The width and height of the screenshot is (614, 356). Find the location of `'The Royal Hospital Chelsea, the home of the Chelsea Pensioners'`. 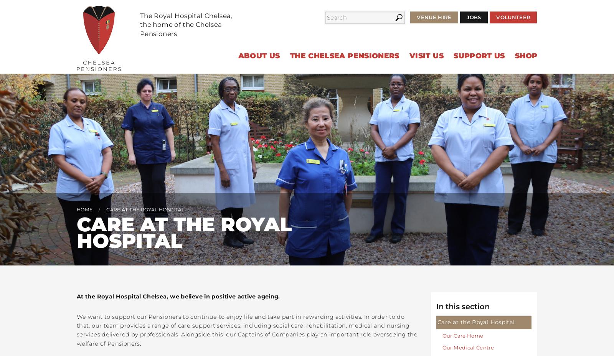

'The Royal Hospital Chelsea, the home of the Chelsea Pensioners' is located at coordinates (185, 24).